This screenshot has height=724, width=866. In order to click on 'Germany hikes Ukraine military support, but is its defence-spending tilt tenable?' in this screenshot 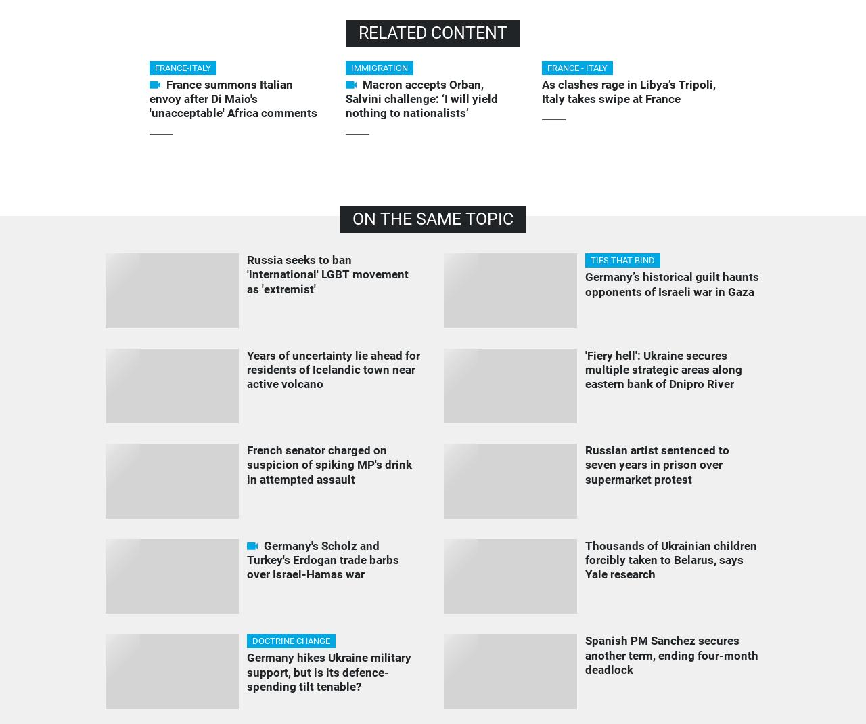, I will do `click(328, 672)`.